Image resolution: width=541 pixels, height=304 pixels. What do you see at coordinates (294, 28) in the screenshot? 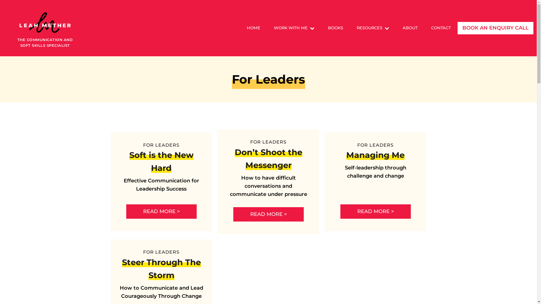
I see `'WORK WITH ME'` at bounding box center [294, 28].